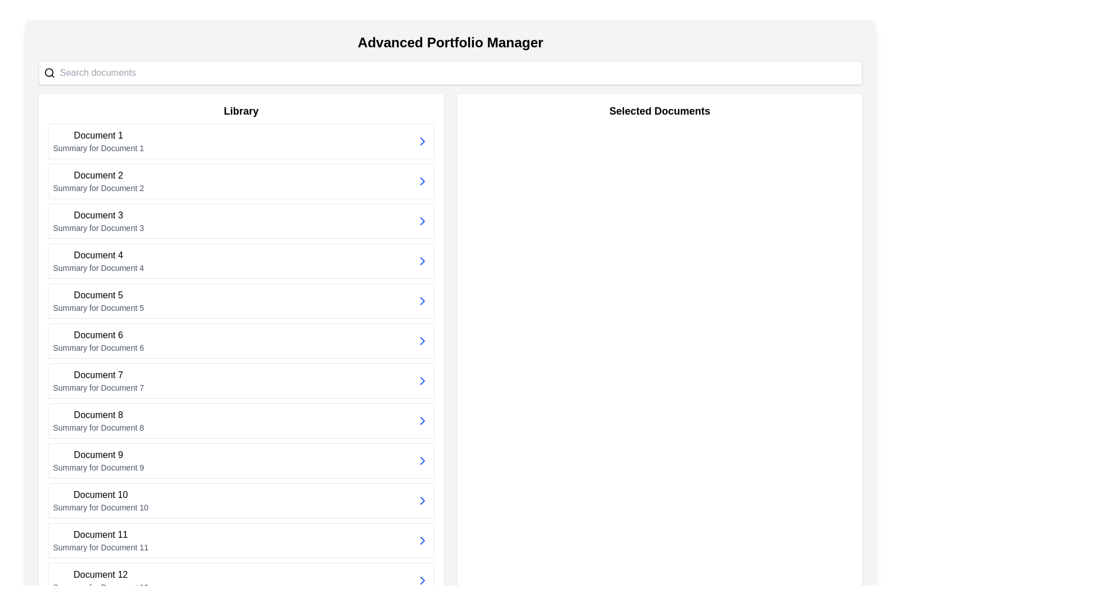 The height and width of the screenshot is (616, 1095). Describe the element at coordinates (421, 180) in the screenshot. I see `the right-facing blue chevron icon associated with 'Document 2' in the Library section` at that location.